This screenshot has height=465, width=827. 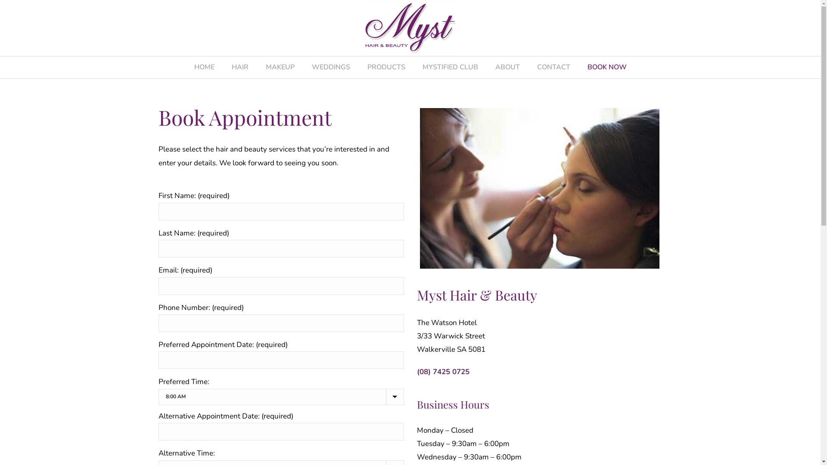 I want to click on 'Myst Hair & Beauty', so click(x=410, y=28).